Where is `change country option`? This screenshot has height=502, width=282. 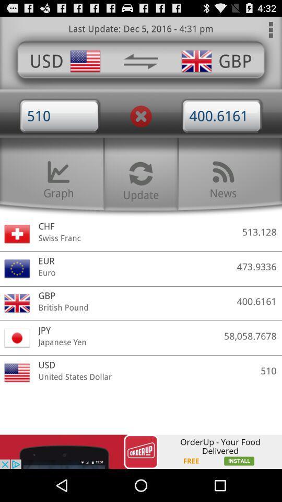
change country option is located at coordinates (140, 61).